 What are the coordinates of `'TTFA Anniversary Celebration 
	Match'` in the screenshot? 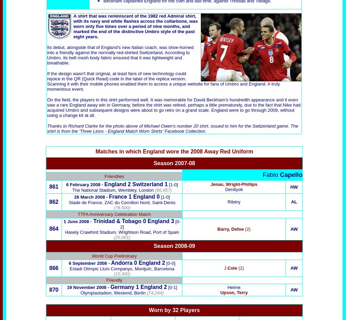 It's located at (114, 214).